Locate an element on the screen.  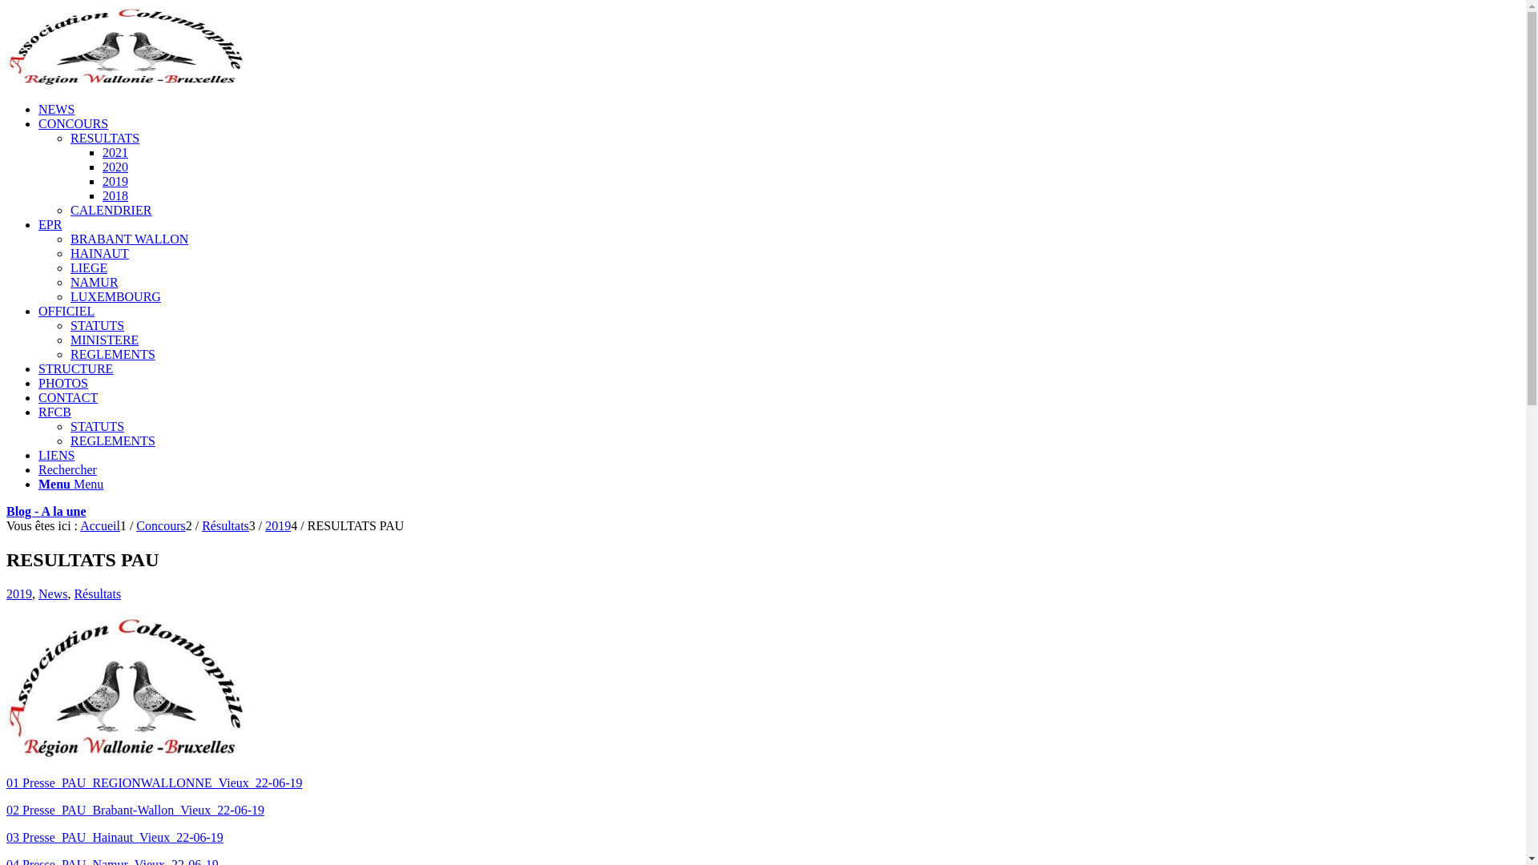
'Rechercher' is located at coordinates (66, 469).